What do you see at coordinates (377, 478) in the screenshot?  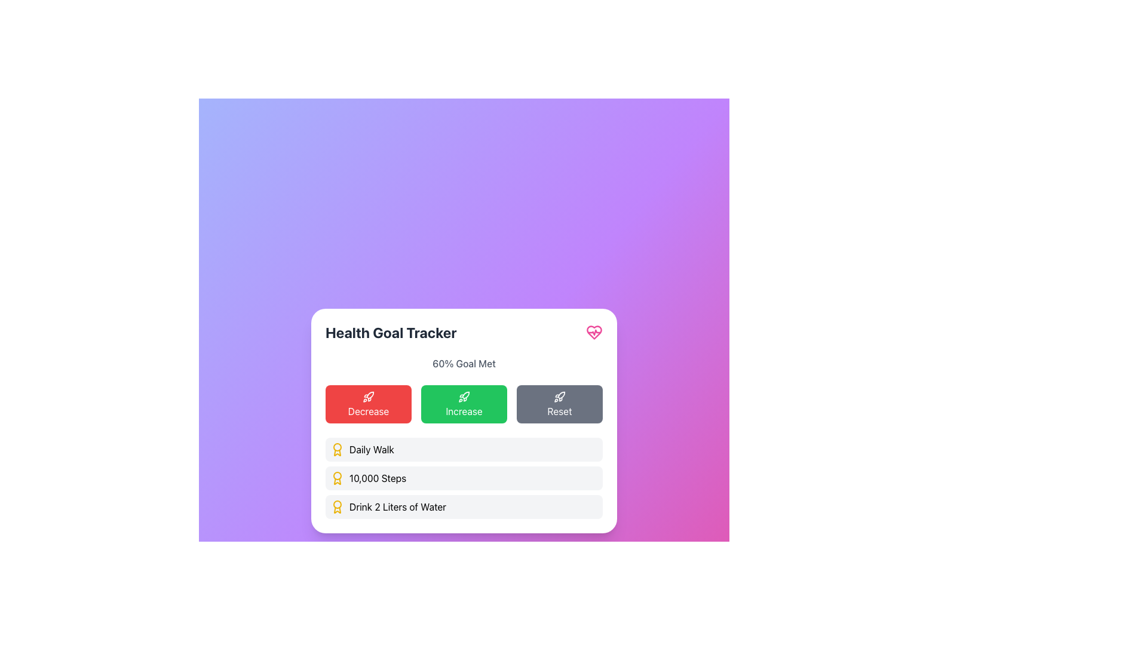 I see `the text label displaying '10,000 Steps', which is the second item in the list and located to the right of the award ribbon icon` at bounding box center [377, 478].